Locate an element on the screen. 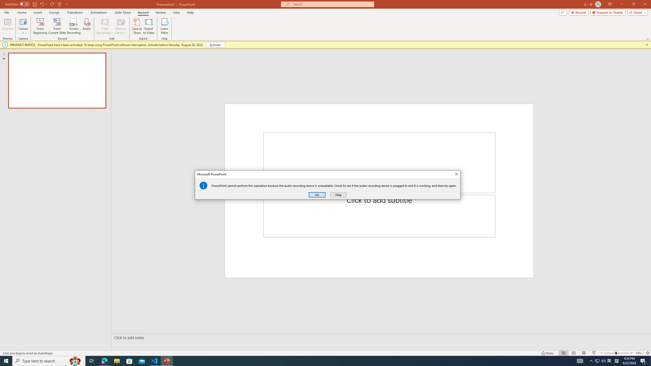 This screenshot has width=651, height=366. 'Close this message' is located at coordinates (647, 44).